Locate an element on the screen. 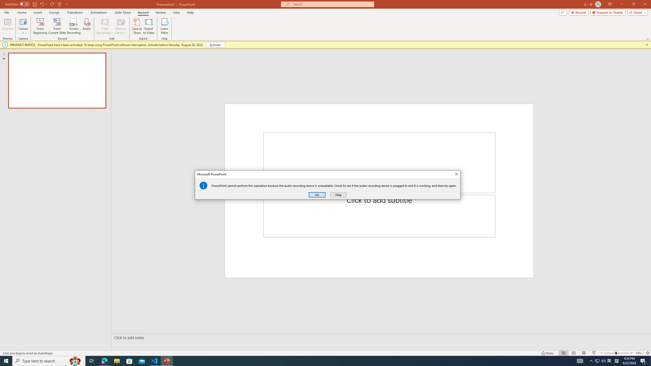 This screenshot has width=651, height=366. 'Close this message' is located at coordinates (647, 44).